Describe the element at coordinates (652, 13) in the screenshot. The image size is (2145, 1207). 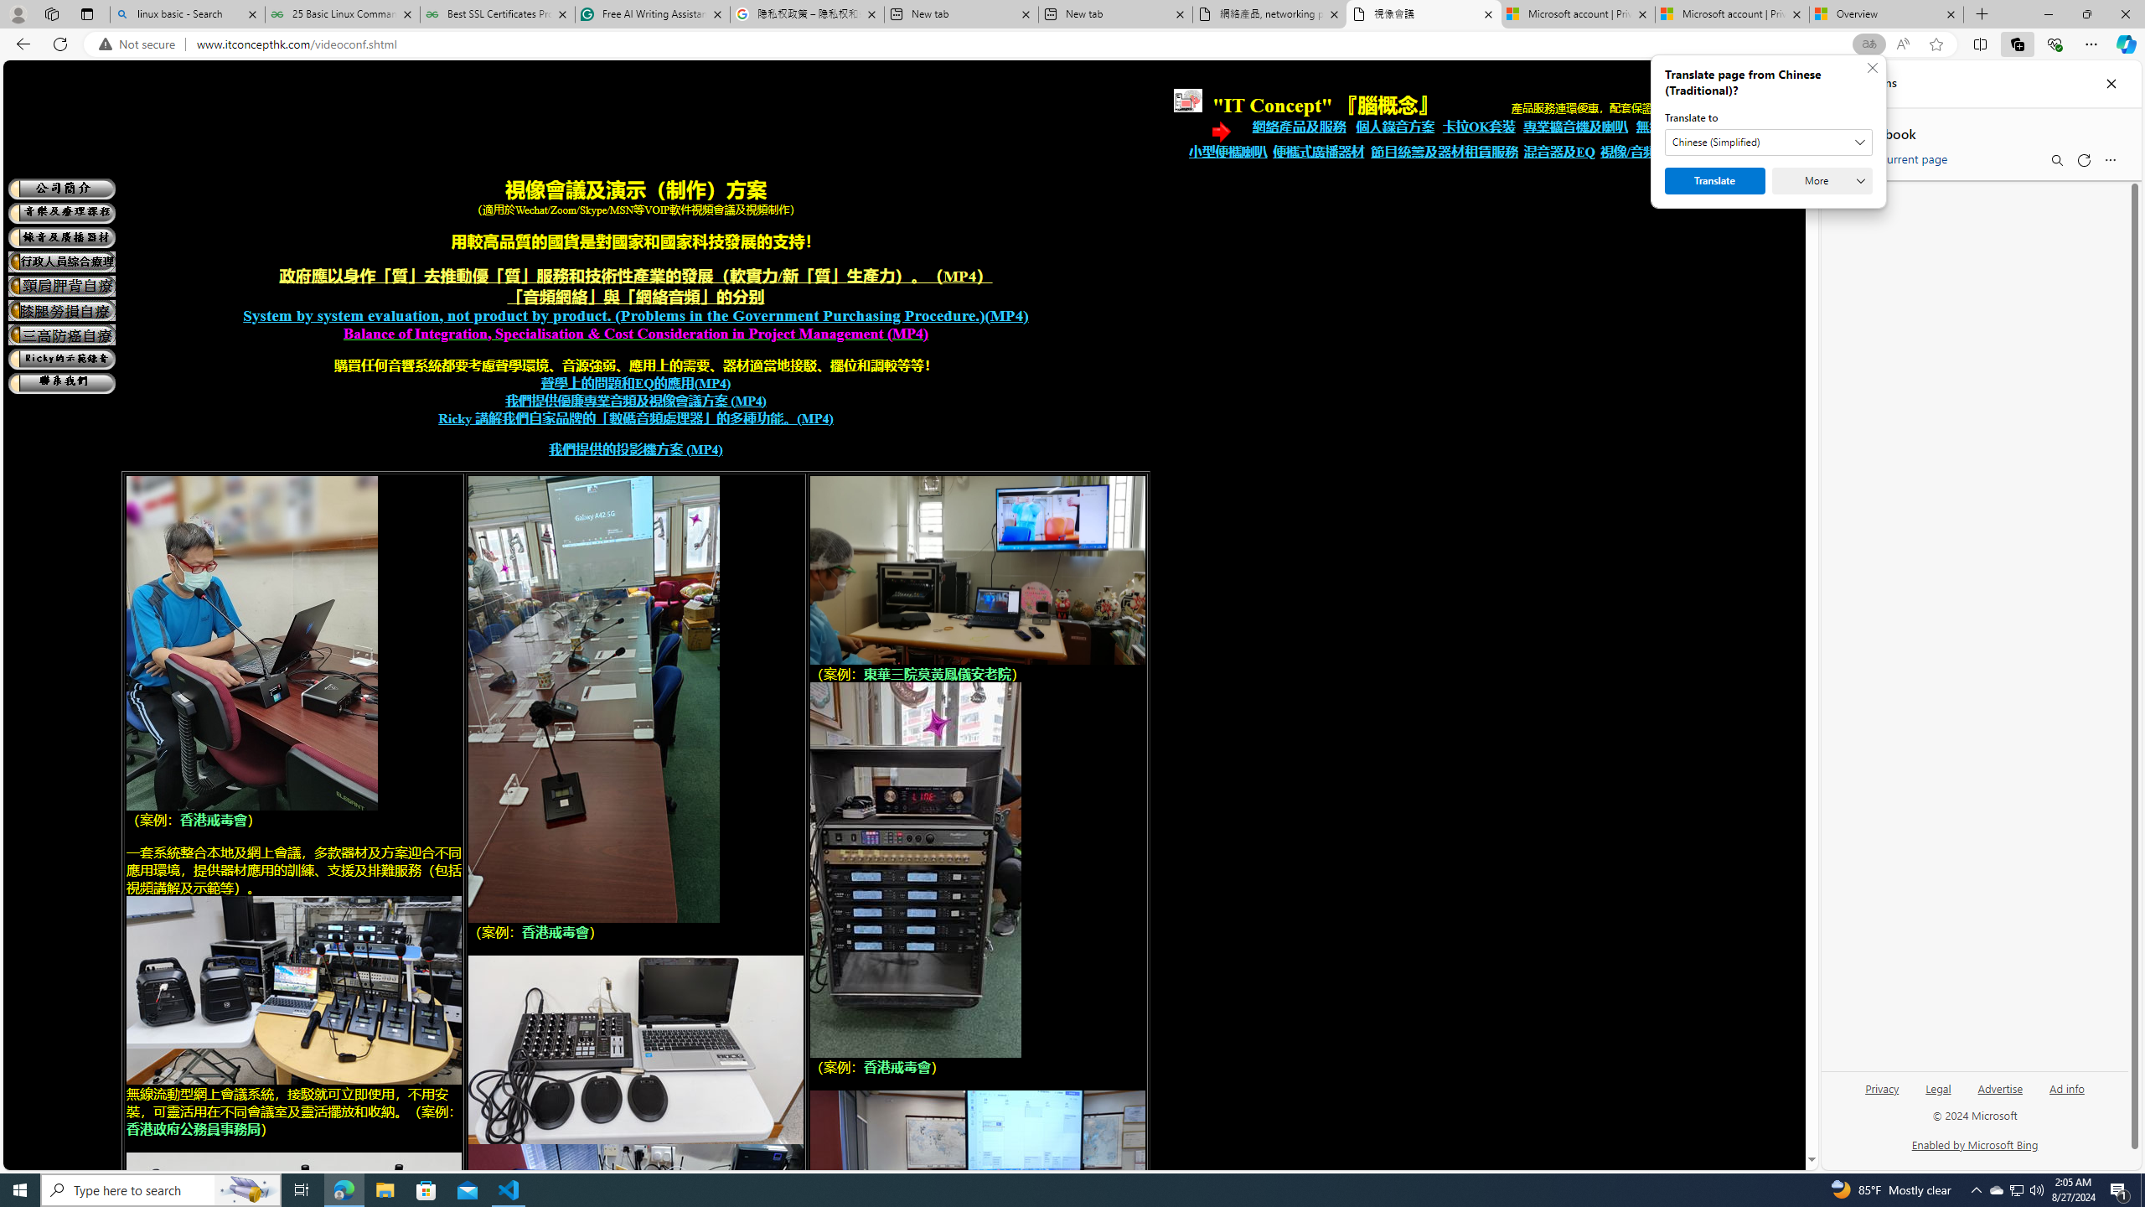
I see `'Free AI Writing Assistance for Students | Grammarly'` at that location.